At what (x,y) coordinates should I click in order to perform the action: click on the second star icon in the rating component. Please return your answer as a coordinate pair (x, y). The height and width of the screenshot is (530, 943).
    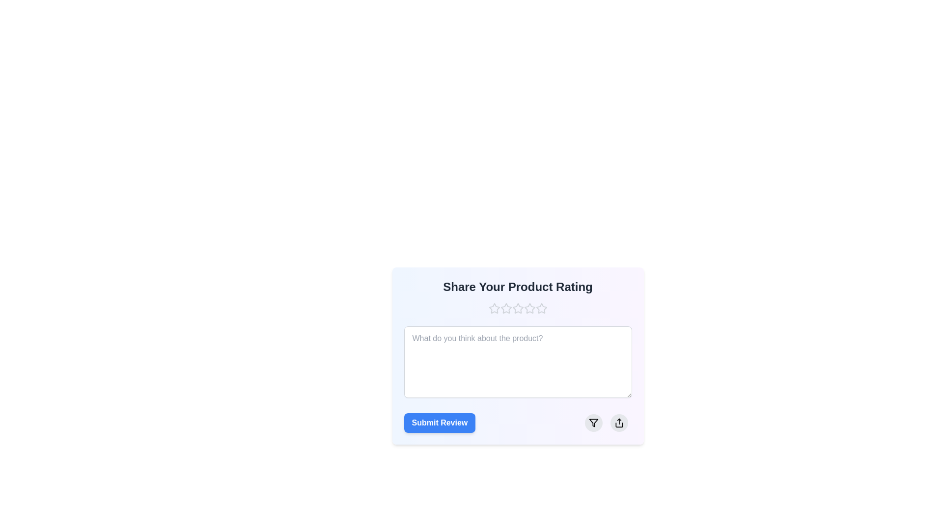
    Looking at the image, I should click on (517, 308).